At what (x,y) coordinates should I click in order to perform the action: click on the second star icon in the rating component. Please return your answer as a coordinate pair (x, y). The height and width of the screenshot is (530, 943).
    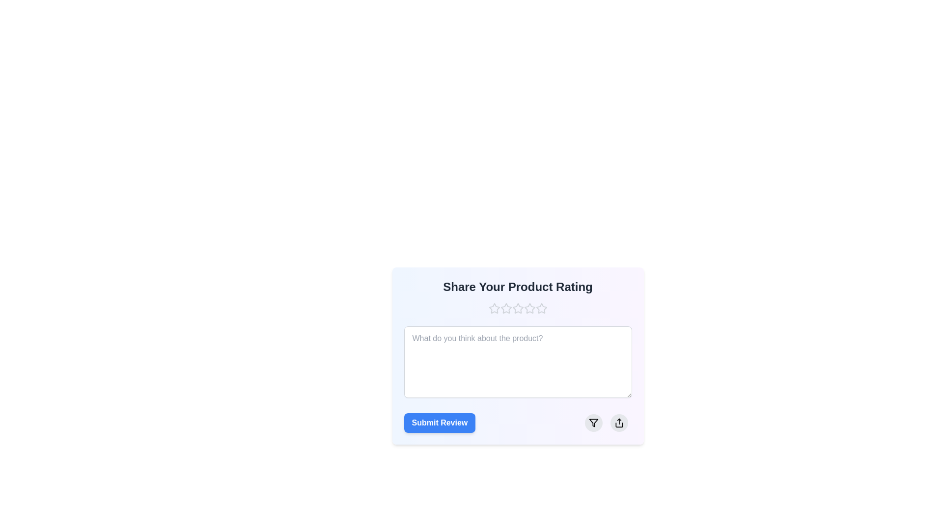
    Looking at the image, I should click on (517, 308).